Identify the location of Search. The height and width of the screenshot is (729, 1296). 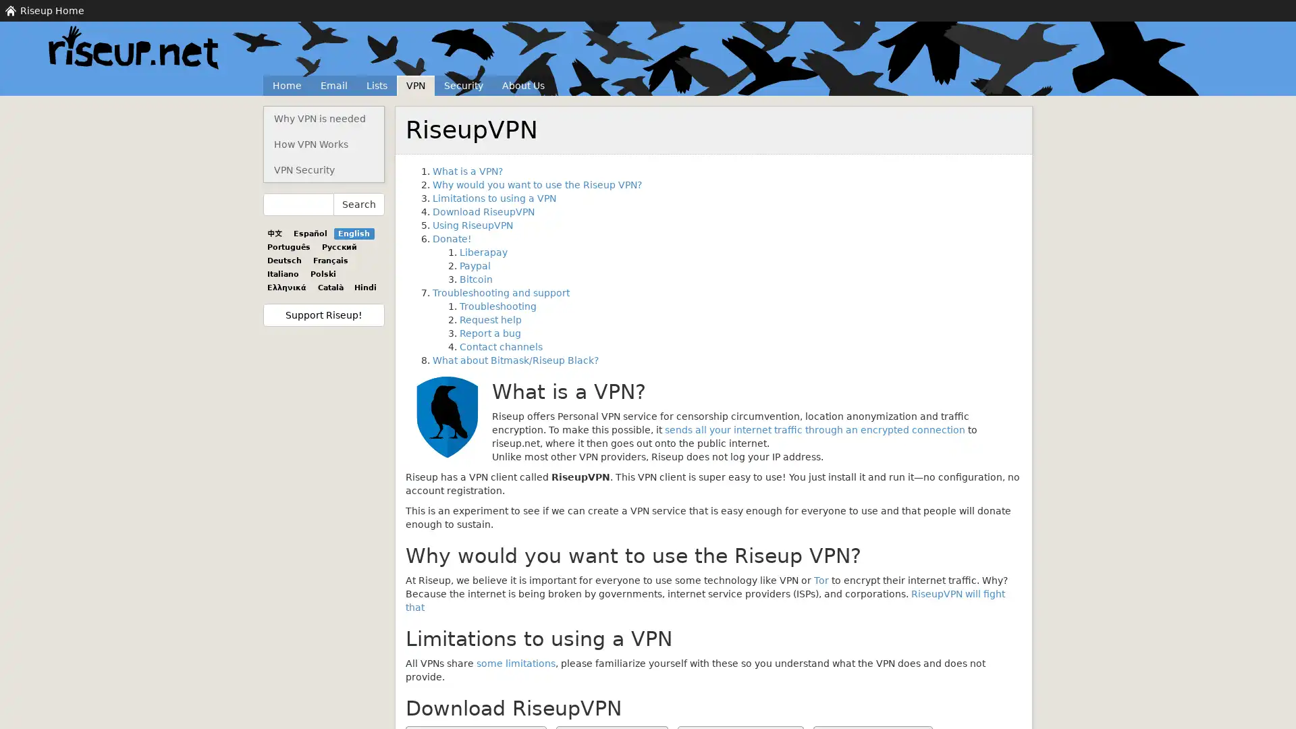
(359, 205).